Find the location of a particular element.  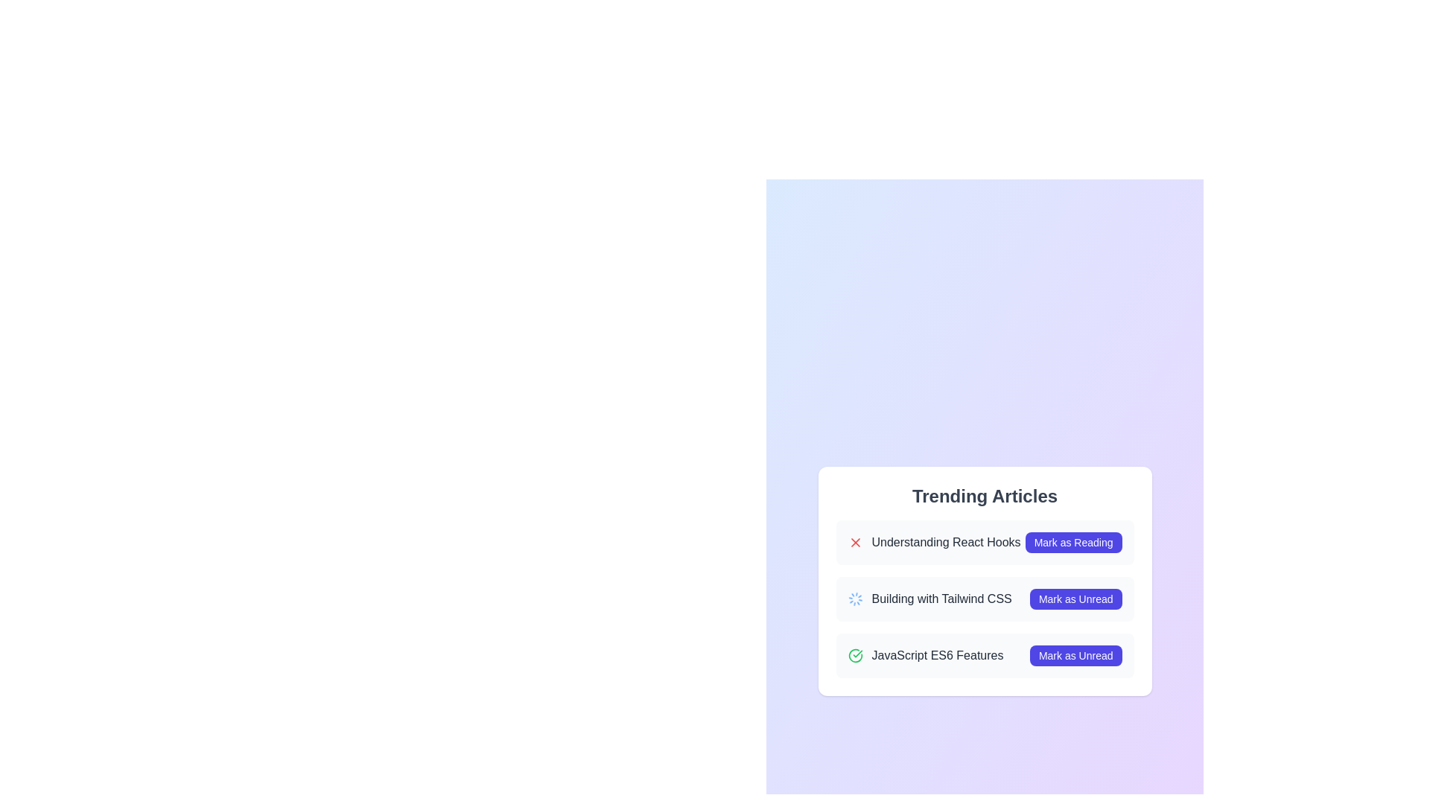

the label displaying 'JavaScript ES6 Features' with a green circular checkmark icon, which is the third item under the 'Trending Articles' heading is located at coordinates (925, 654).